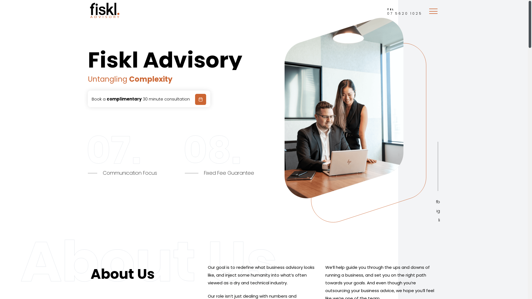  What do you see at coordinates (438, 202) in the screenshot?
I see `'fb'` at bounding box center [438, 202].